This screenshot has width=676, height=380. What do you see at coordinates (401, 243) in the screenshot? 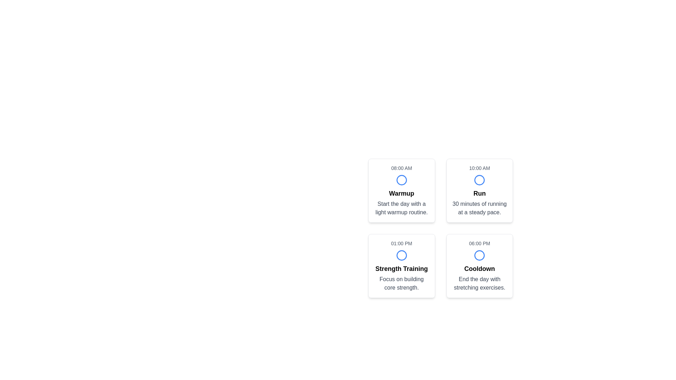
I see `the text label displaying '01:00 PM' in a smaller gray font, positioned near the top of the 'Strength Training' activity card` at bounding box center [401, 243].